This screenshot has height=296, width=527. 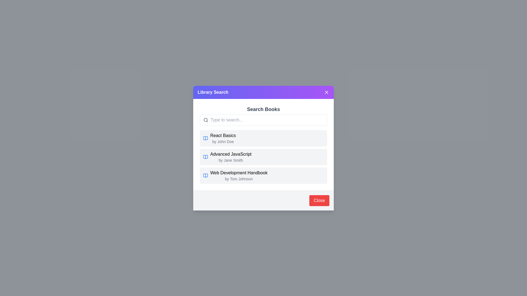 What do you see at coordinates (239, 175) in the screenshot?
I see `displayed text of the Text element that shows 'Web Development Handbook' by Tom Johnson, located in the third row of book entries in the modal dialog` at bounding box center [239, 175].